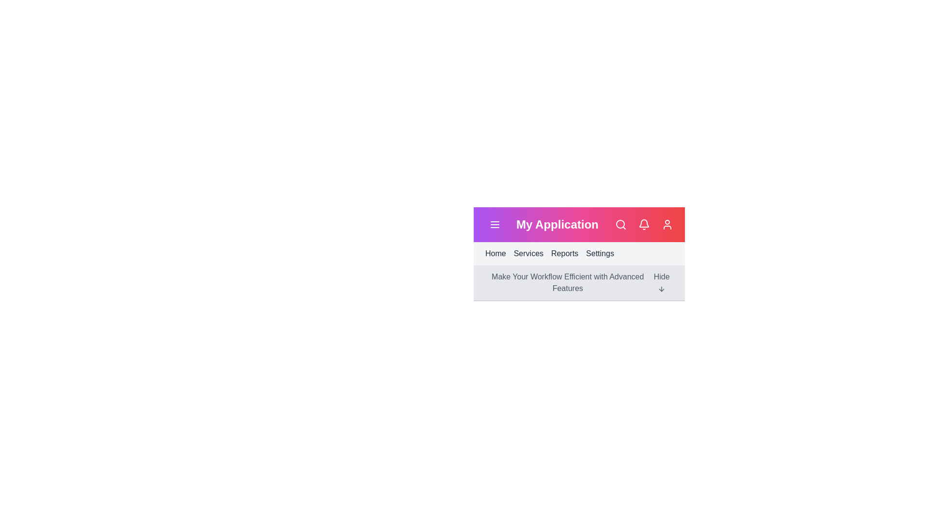 The image size is (930, 523). I want to click on the search icon in the header, so click(620, 224).